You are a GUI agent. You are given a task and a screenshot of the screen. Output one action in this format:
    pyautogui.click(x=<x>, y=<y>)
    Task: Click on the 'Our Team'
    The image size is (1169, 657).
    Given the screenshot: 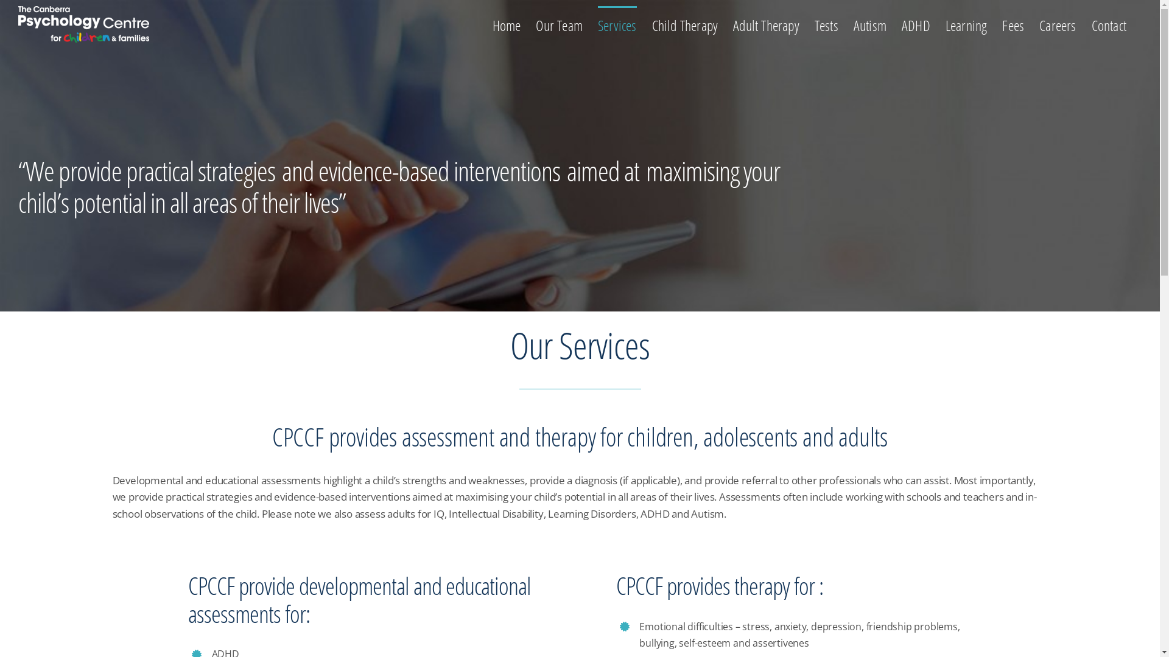 What is the action you would take?
    pyautogui.click(x=535, y=24)
    